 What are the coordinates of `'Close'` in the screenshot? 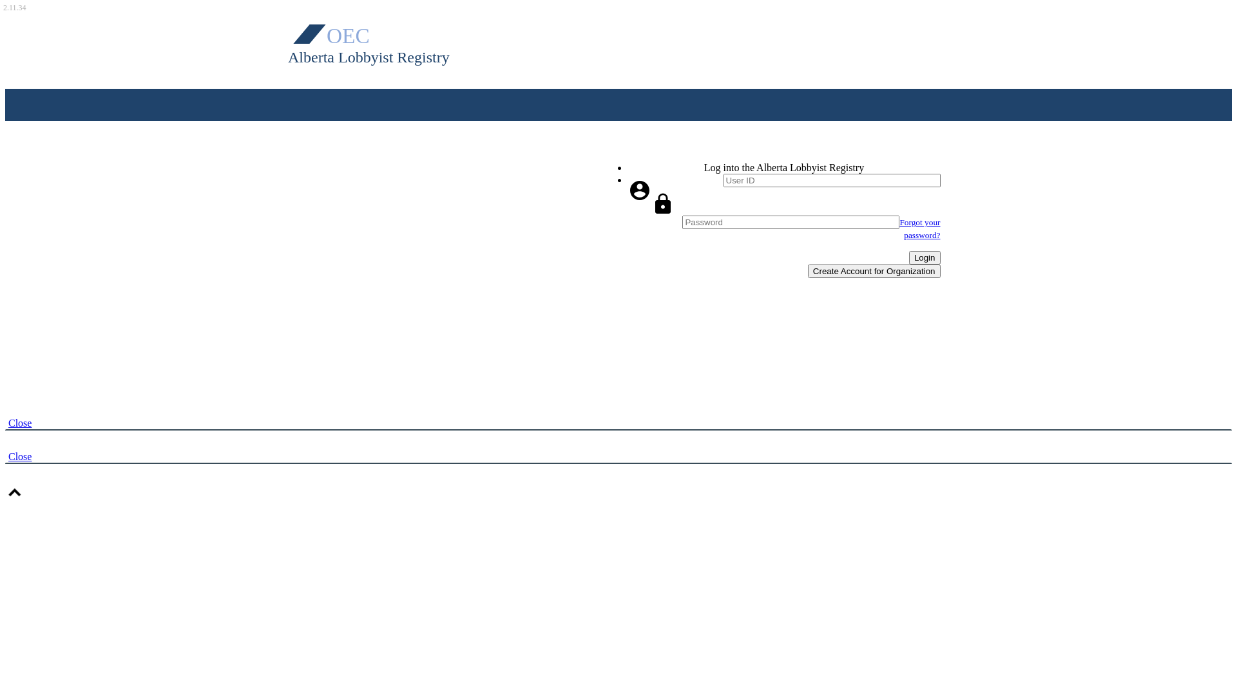 It's located at (19, 423).